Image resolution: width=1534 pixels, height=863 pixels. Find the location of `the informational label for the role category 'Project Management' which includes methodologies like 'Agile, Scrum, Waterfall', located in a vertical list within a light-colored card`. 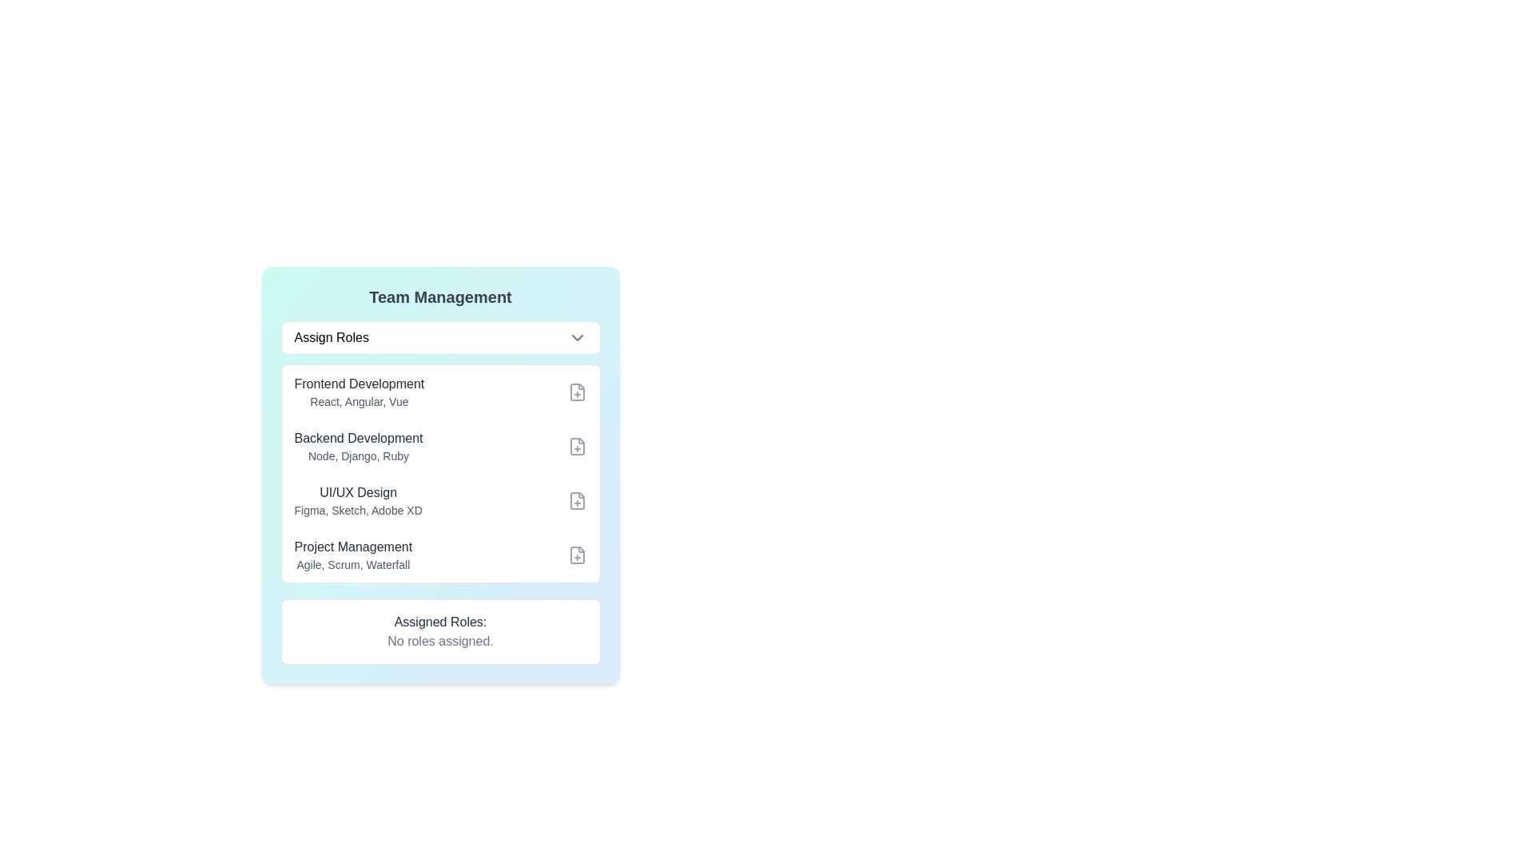

the informational label for the role category 'Project Management' which includes methodologies like 'Agile, Scrum, Waterfall', located in a vertical list within a light-colored card is located at coordinates (352, 554).